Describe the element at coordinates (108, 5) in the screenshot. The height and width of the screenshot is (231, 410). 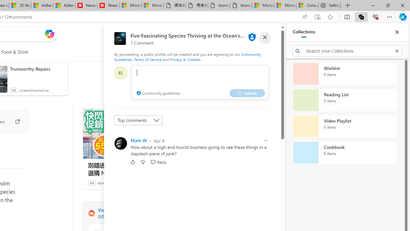
I see `'Illness news & latest pictures from Newsweek.com'` at that location.